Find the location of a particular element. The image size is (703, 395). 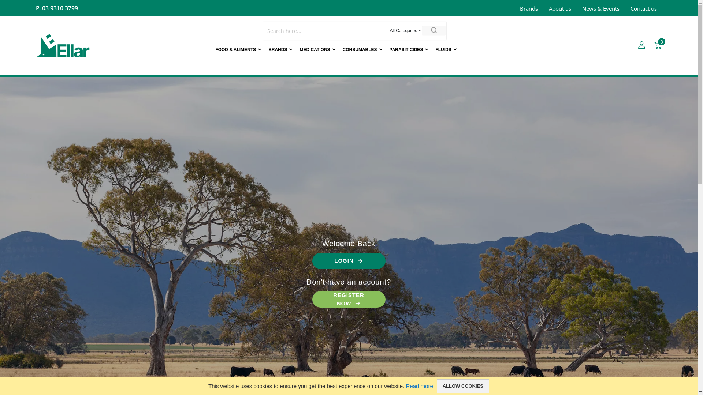

'About us' is located at coordinates (559, 8).